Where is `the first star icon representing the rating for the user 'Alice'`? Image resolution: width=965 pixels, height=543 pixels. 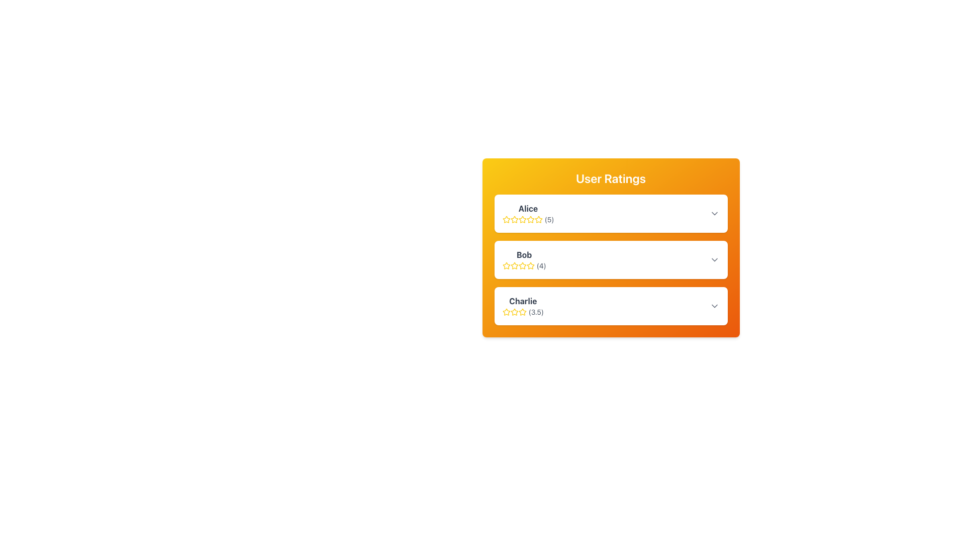 the first star icon representing the rating for the user 'Alice' is located at coordinates (506, 219).